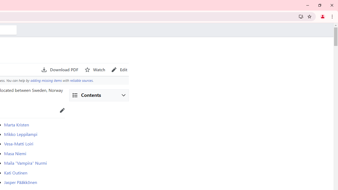 The width and height of the screenshot is (338, 190). Describe the element at coordinates (25, 163) in the screenshot. I see `'Maila "Vampira" Nurmi'` at that location.